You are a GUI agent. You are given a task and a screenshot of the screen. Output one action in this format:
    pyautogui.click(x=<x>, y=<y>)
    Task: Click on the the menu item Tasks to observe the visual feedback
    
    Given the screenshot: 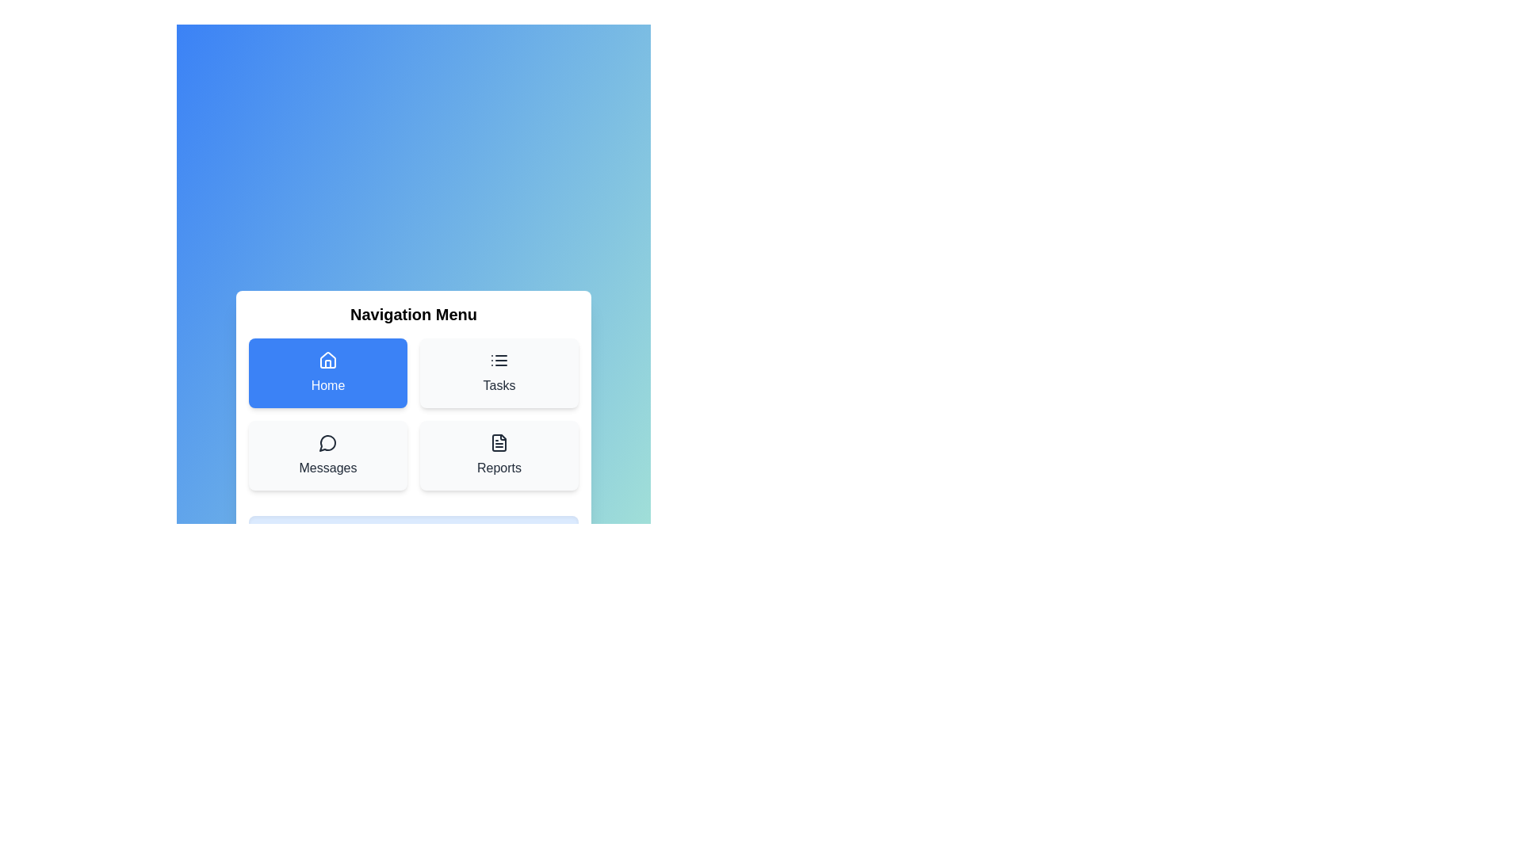 What is the action you would take?
    pyautogui.click(x=498, y=373)
    